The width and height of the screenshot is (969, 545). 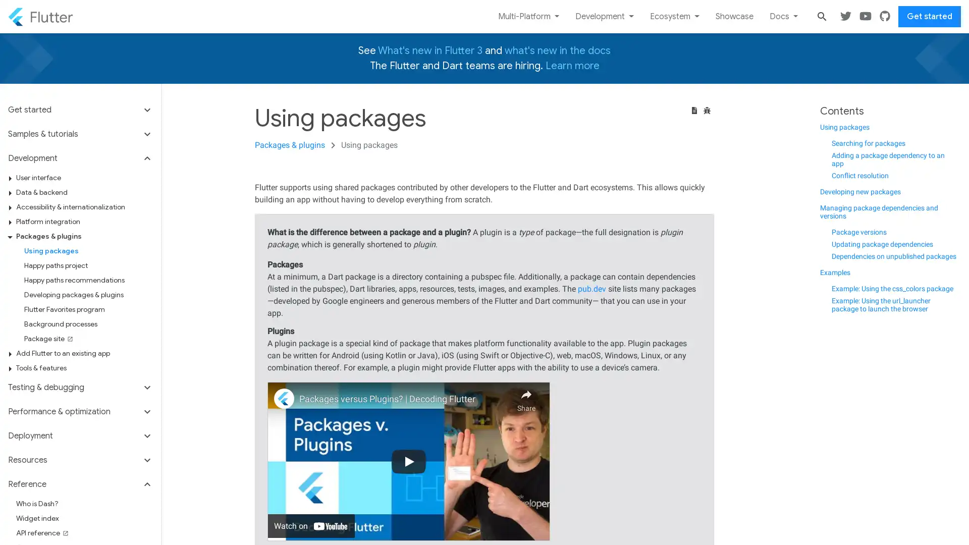 I want to click on Get started keyboard_arrow_down, so click(x=80, y=113).